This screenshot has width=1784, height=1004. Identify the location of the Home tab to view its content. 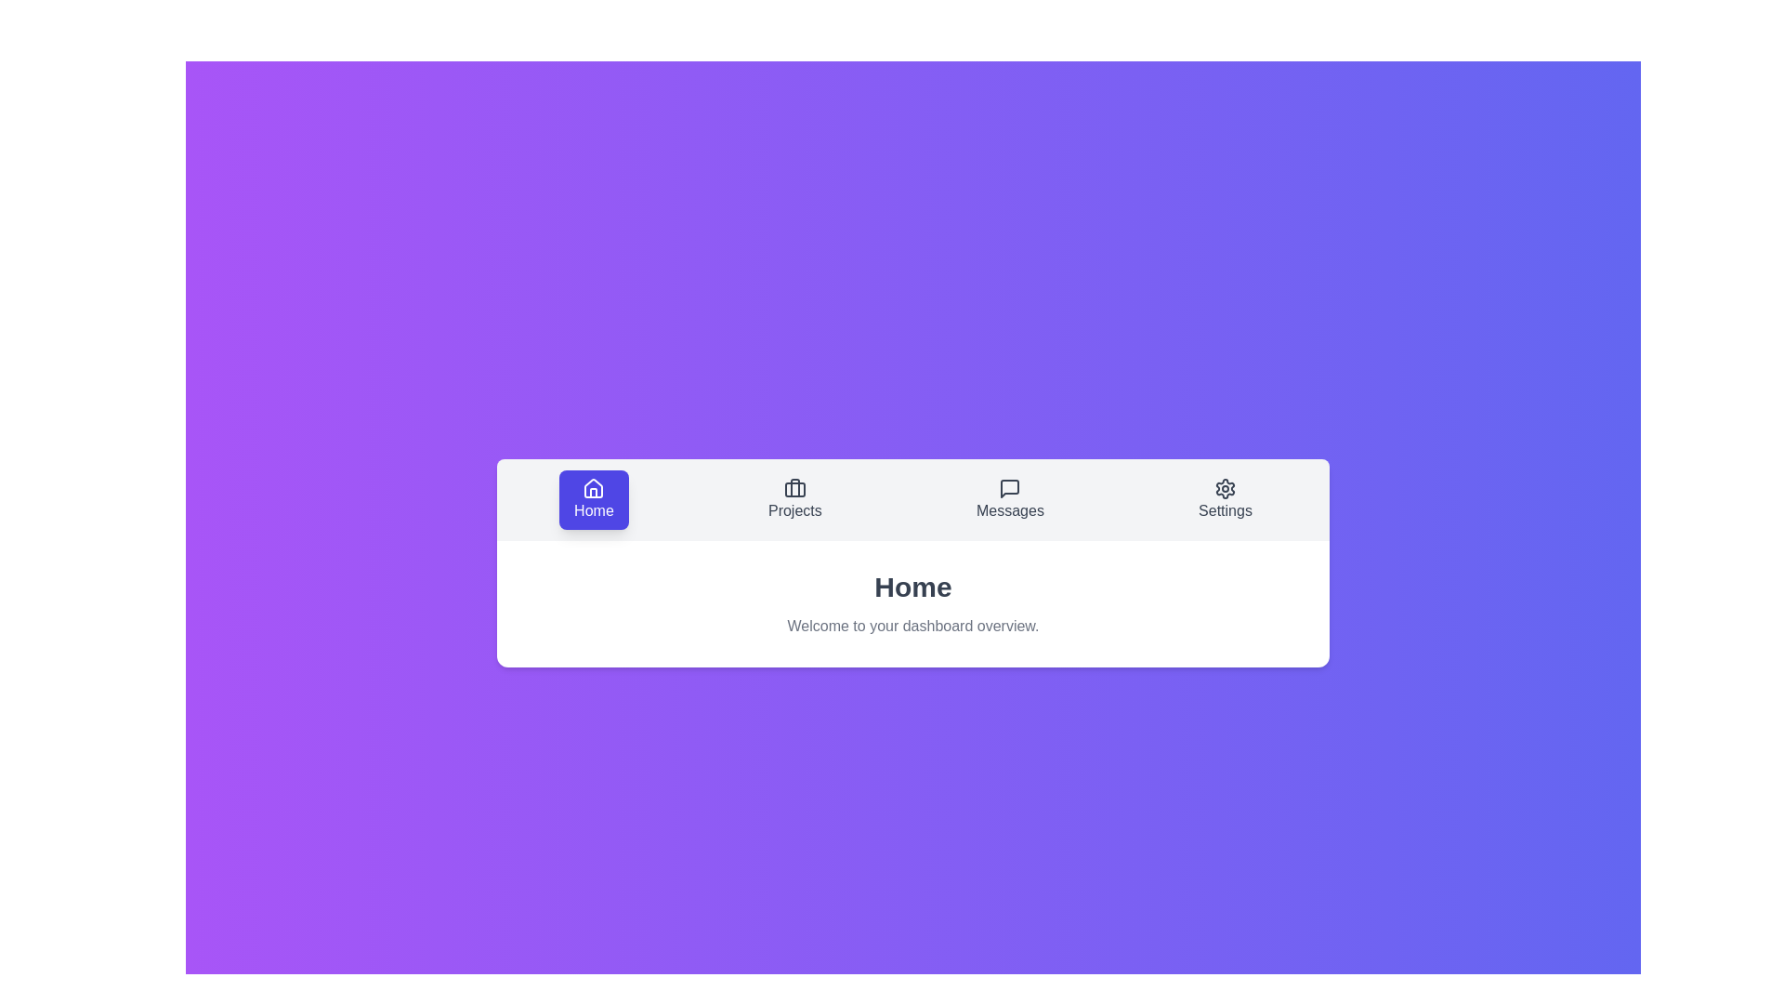
(592, 498).